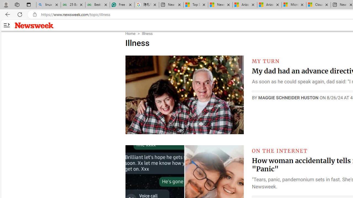 The image size is (353, 198). Describe the element at coordinates (319, 5) in the screenshot. I see `'Cloud Computing Services | Microsoft Azure'` at that location.